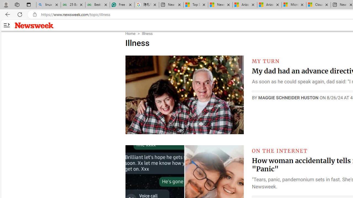 The image size is (353, 198). Describe the element at coordinates (319, 5) in the screenshot. I see `'Cloud Computing Services | Microsoft Azure'` at that location.